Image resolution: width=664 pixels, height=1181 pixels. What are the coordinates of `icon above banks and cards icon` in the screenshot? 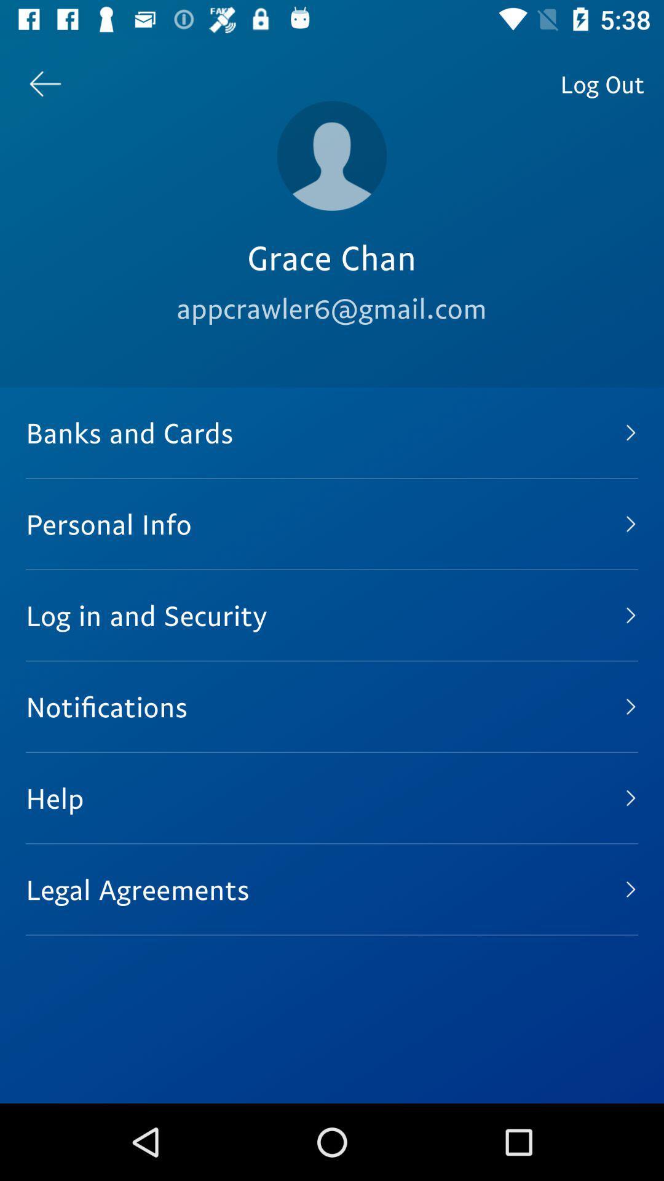 It's located at (601, 83).